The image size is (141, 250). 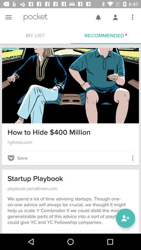 I want to click on the first icon at the top right corner, so click(x=98, y=17).